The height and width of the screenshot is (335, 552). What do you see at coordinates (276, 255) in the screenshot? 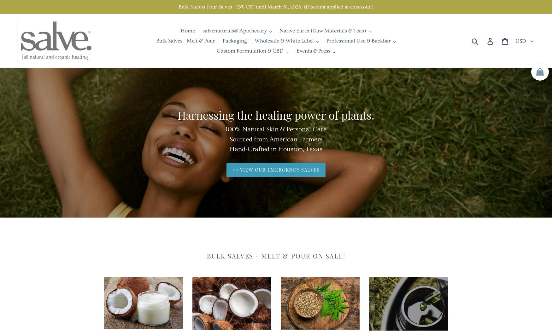
I see `'BULK SALVES - MELT & POUR      ON SALE!'` at bounding box center [276, 255].